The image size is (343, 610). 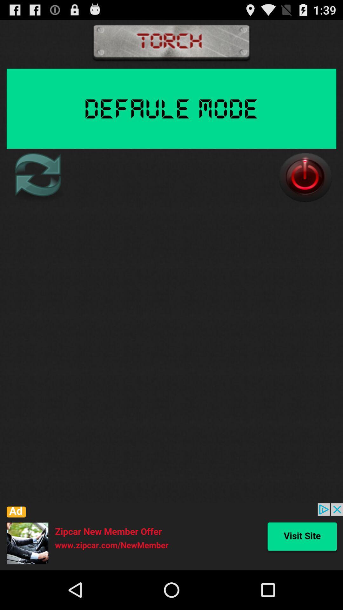 What do you see at coordinates (171, 536) in the screenshot?
I see `open website page` at bounding box center [171, 536].